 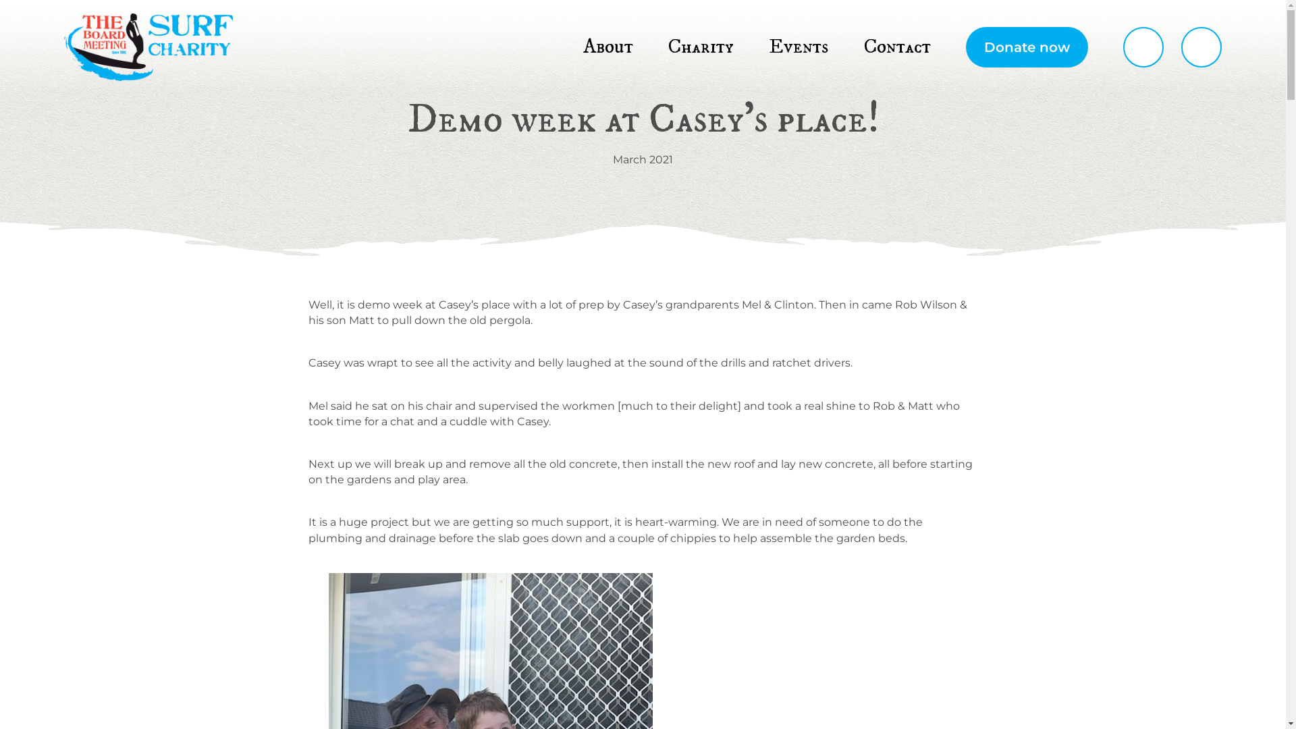 What do you see at coordinates (897, 46) in the screenshot?
I see `'Contact'` at bounding box center [897, 46].